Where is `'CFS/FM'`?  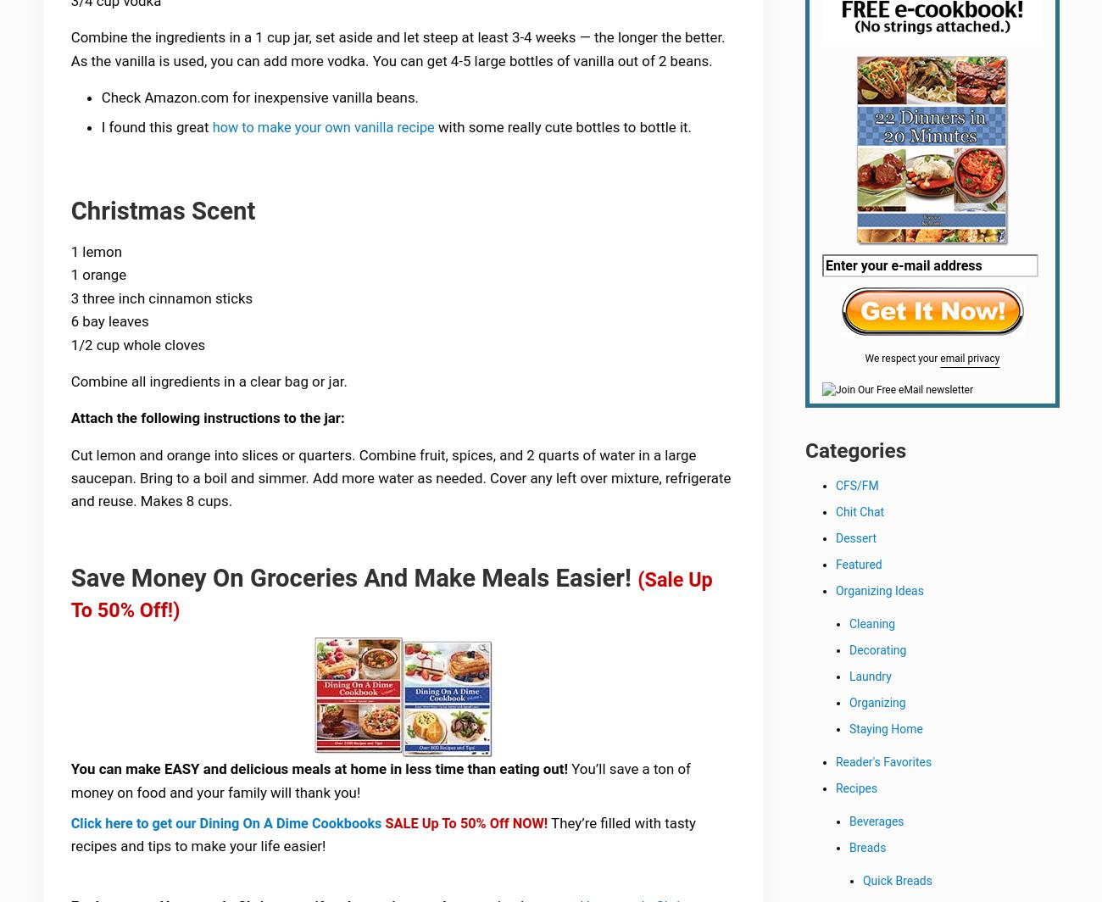
'CFS/FM' is located at coordinates (856, 488).